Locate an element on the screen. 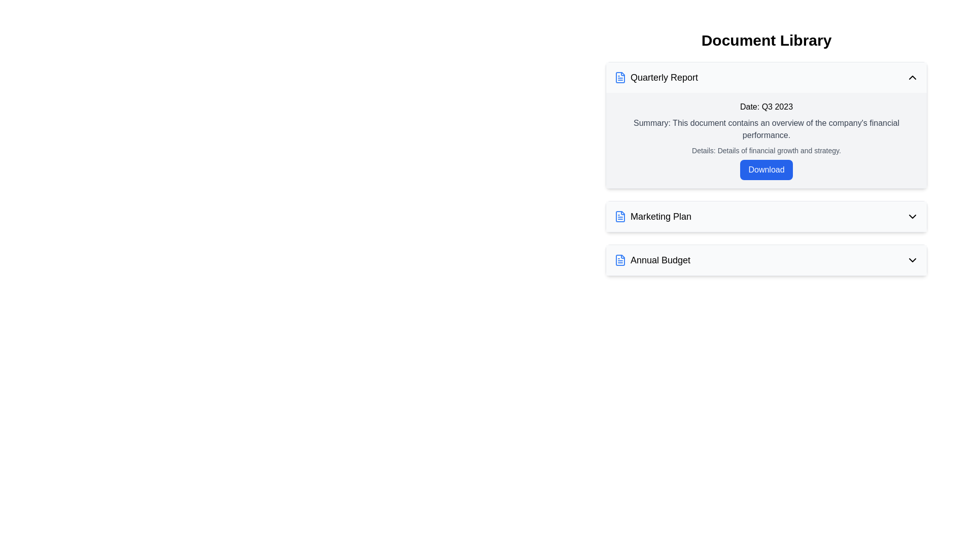 Image resolution: width=974 pixels, height=548 pixels. the third text label that provides additional details about the financial context or strategy is located at coordinates (767, 151).